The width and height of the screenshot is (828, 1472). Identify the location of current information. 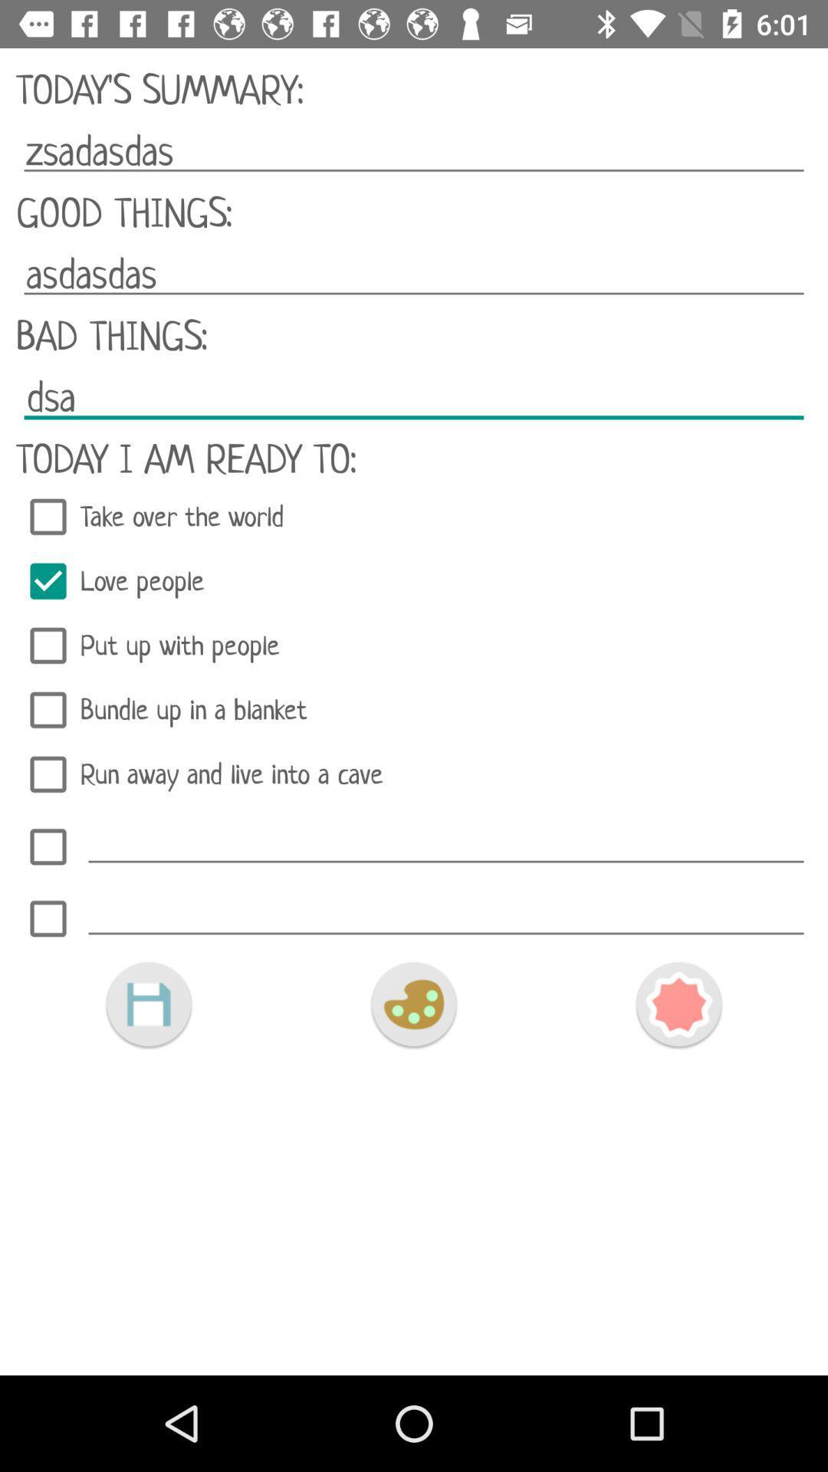
(148, 1004).